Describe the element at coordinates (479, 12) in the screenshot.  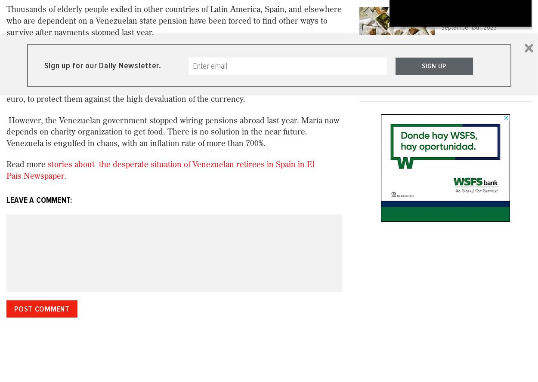
I see `'Piñatas For Everyone'` at that location.